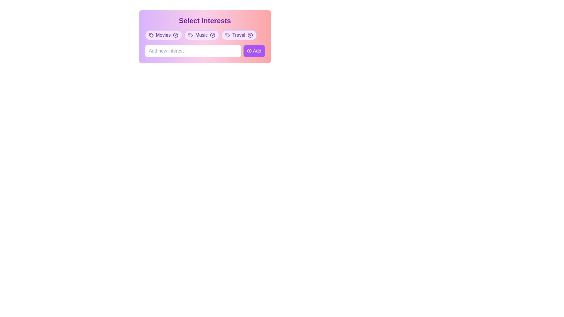 The height and width of the screenshot is (317, 564). What do you see at coordinates (212, 35) in the screenshot?
I see `the cancellation icon for the 'Music' tag, which is a circular icon with a cross, located between the 'Movies' and 'Travel' tags` at bounding box center [212, 35].